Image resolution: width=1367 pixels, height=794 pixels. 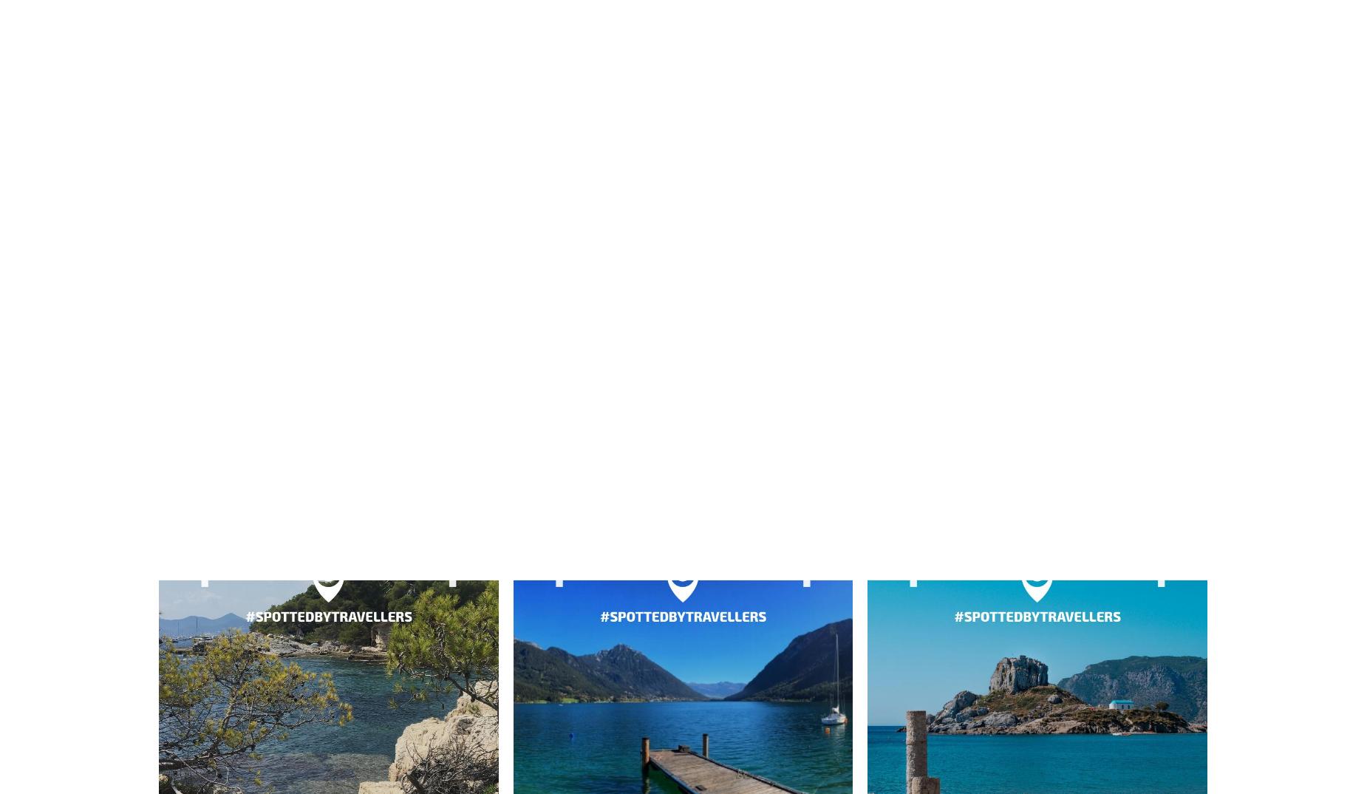 I want to click on 'Grèce', so click(x=327, y=470).